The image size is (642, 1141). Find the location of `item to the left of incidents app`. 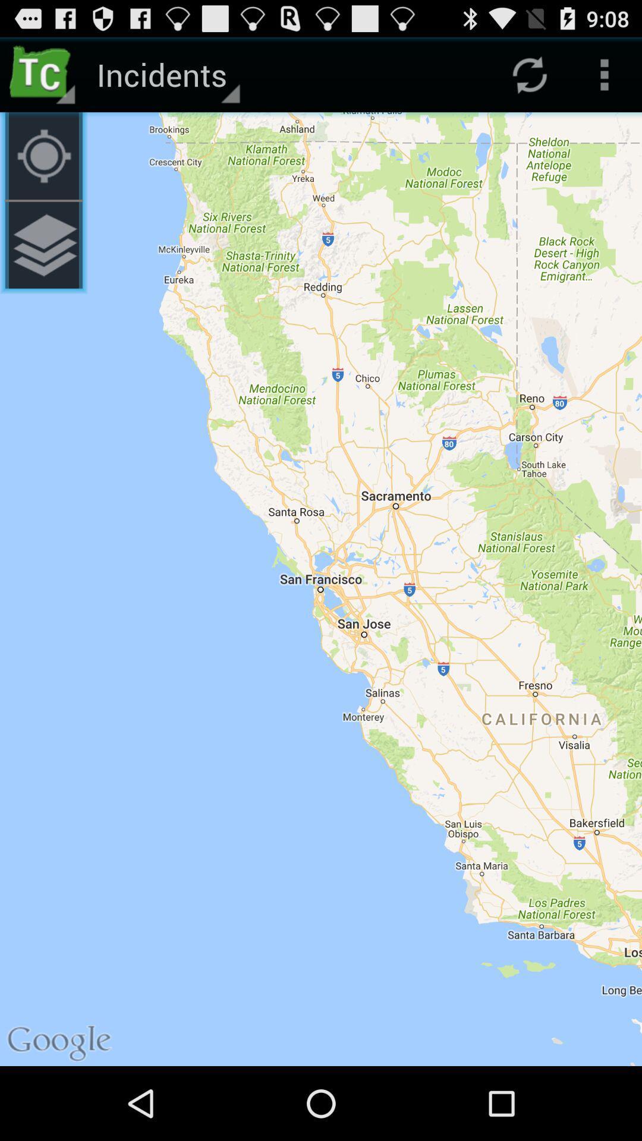

item to the left of incidents app is located at coordinates (43, 155).